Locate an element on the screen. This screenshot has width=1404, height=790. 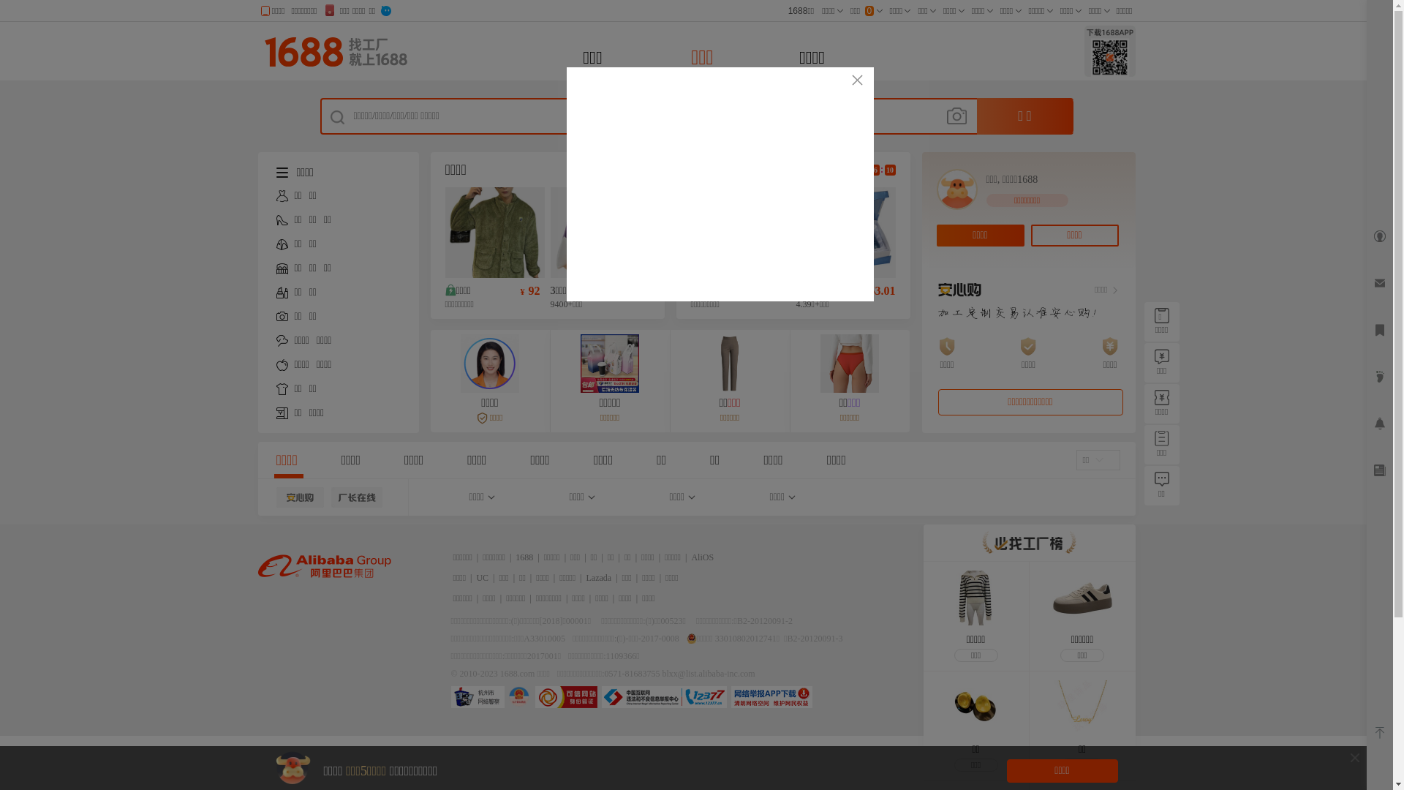
'UC' is located at coordinates (482, 577).